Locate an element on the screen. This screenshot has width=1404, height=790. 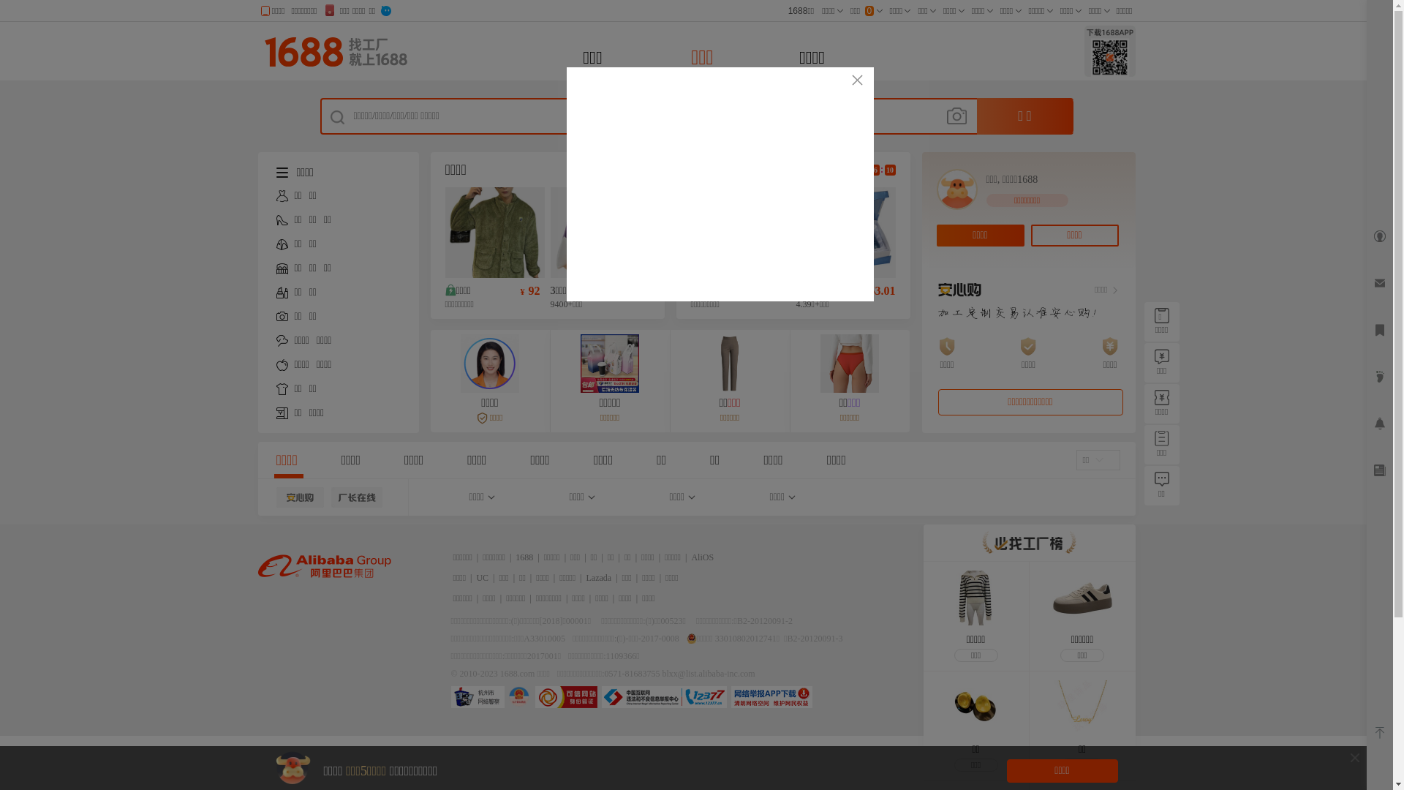
'UC' is located at coordinates (482, 577).